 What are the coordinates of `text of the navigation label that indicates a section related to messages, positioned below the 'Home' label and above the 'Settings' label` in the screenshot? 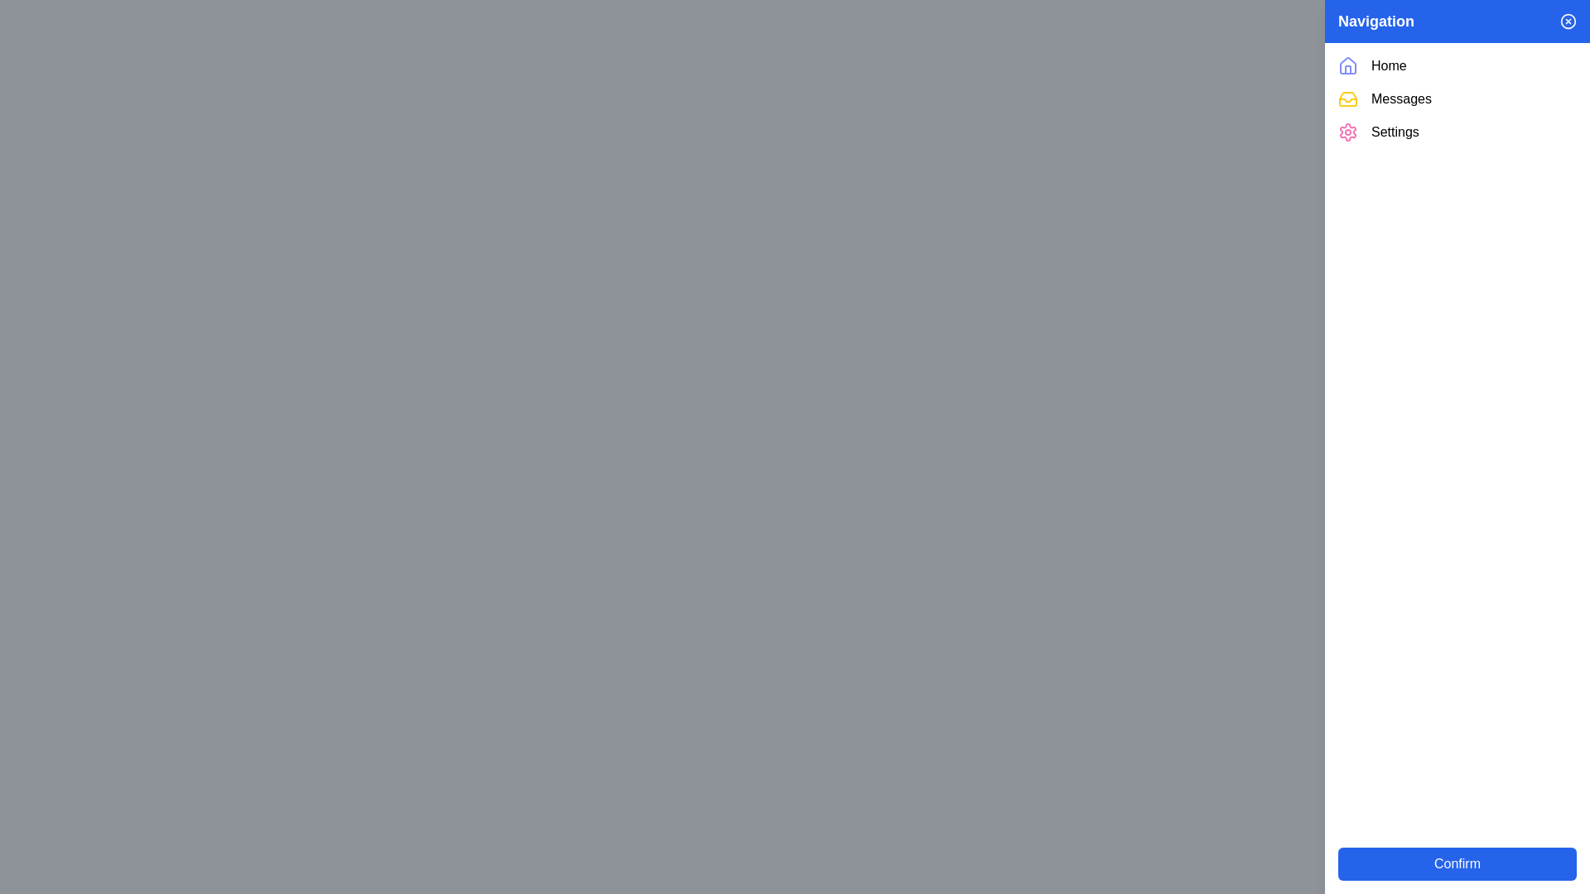 It's located at (1400, 99).